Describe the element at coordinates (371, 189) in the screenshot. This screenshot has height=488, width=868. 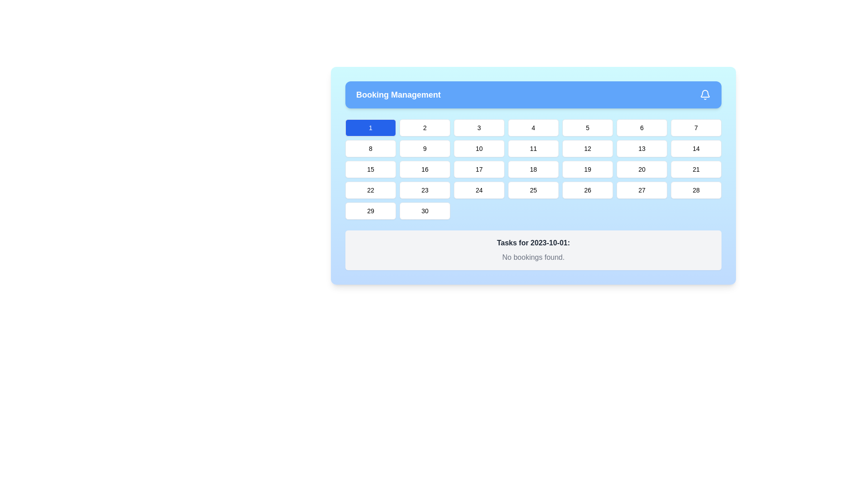
I see `the rectangular button displaying the number '22' to trigger additional interaction or visual feedback` at that location.